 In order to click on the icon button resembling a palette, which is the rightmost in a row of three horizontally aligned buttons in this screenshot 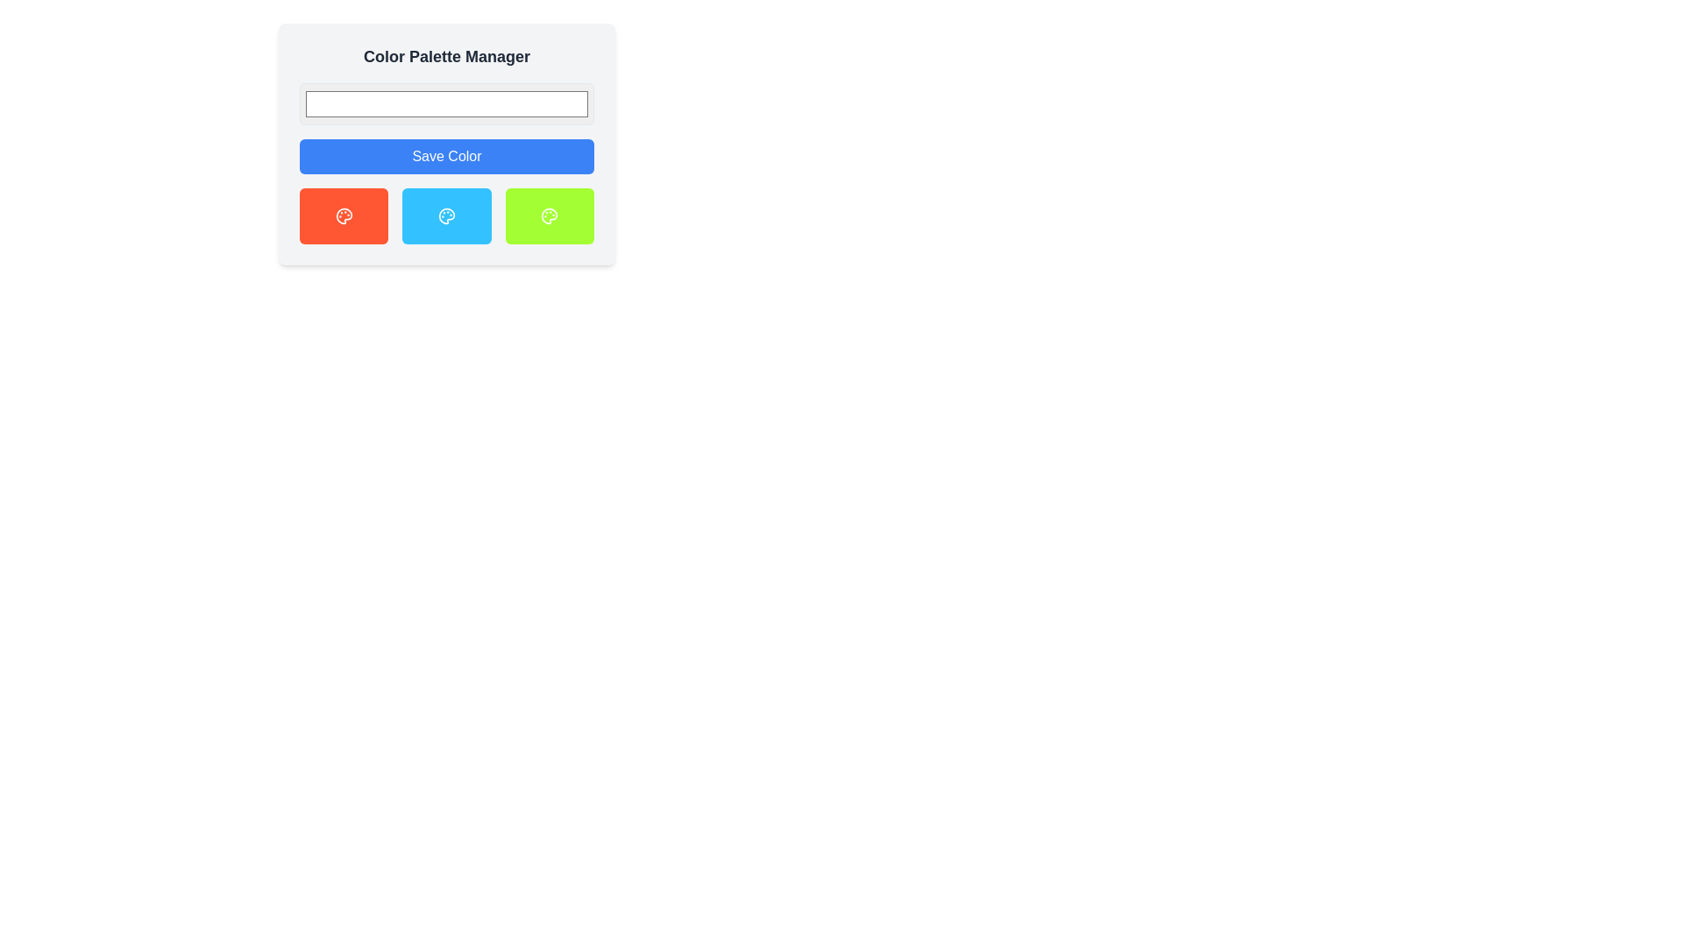, I will do `click(549, 215)`.